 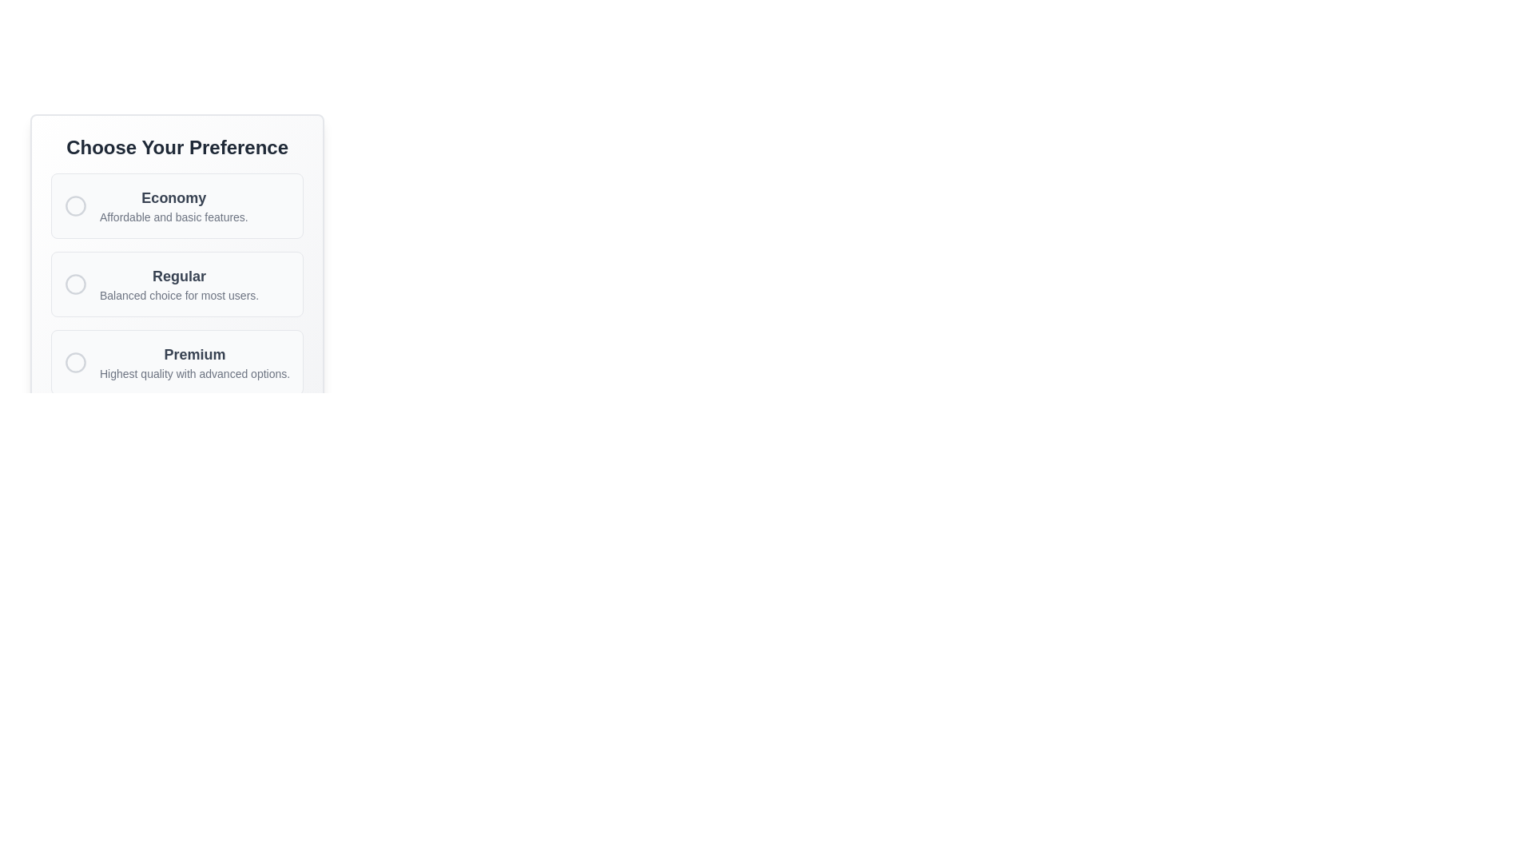 I want to click on the 'Regular' option in the selection group, so click(x=177, y=283).